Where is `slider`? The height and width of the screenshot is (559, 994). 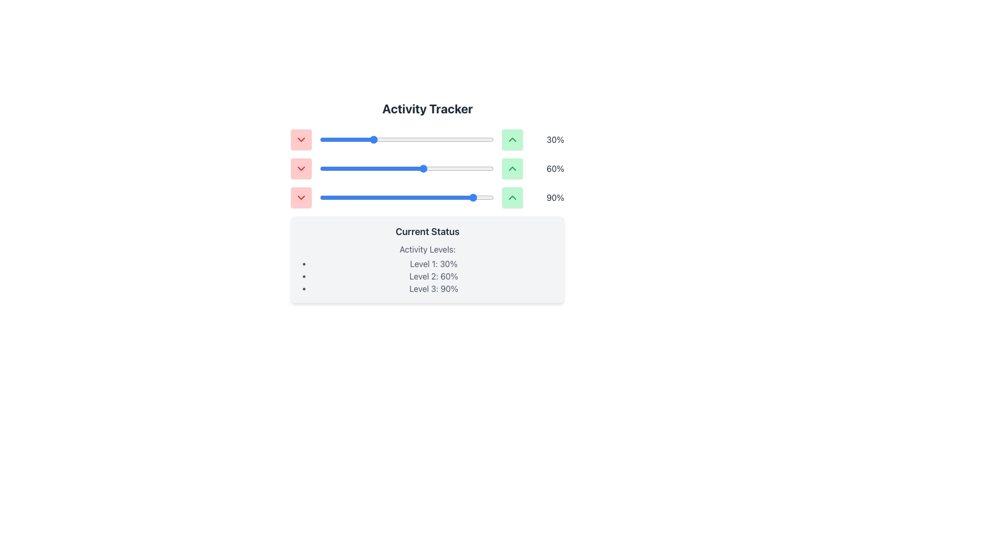 slider is located at coordinates (426, 140).